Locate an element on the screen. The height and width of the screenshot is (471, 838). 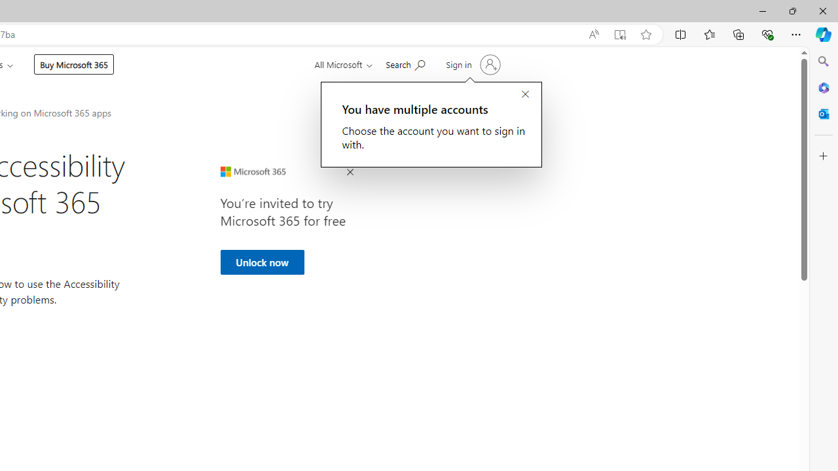
'Read aloud this page (Ctrl+Shift+U)' is located at coordinates (592, 34).